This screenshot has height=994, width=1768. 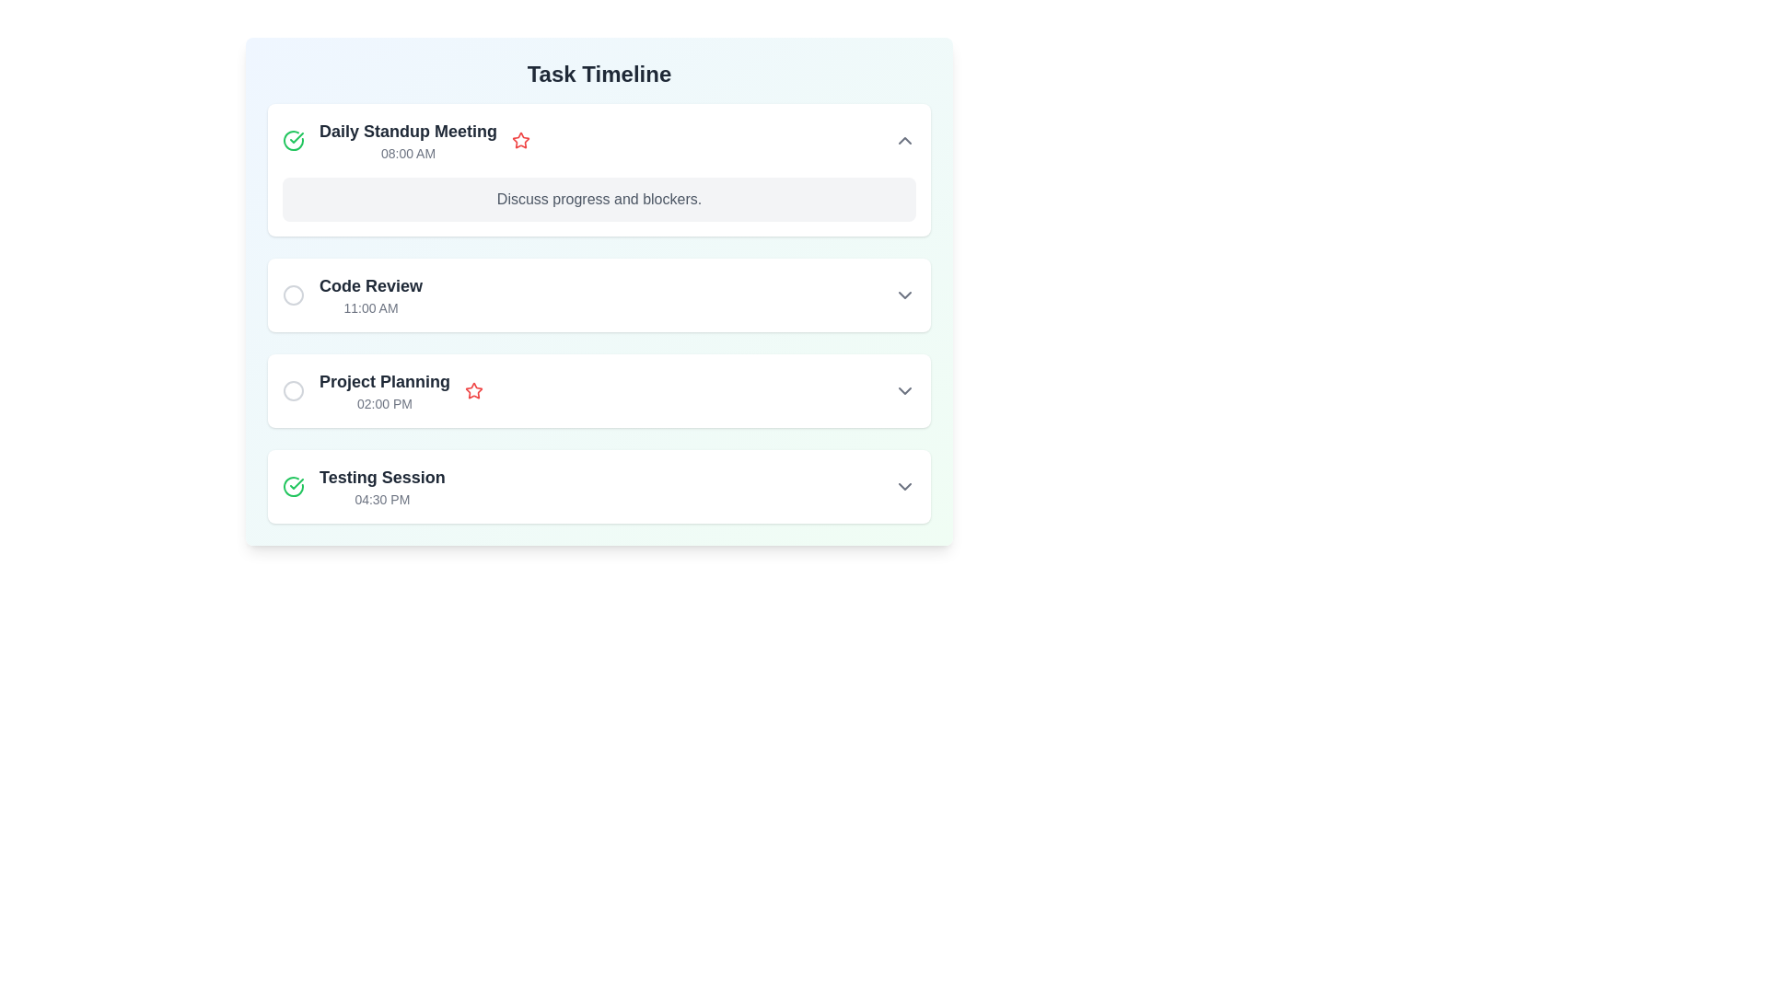 What do you see at coordinates (292, 389) in the screenshot?
I see `the circular gray icon within the 'Project Planning' task line on the task timeline interface` at bounding box center [292, 389].